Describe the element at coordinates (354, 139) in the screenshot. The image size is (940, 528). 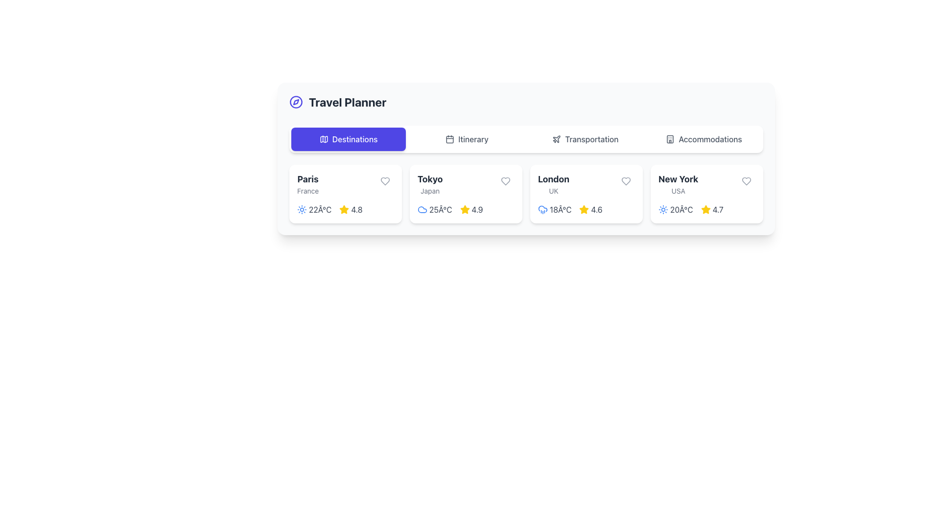
I see `the text label 'Destinations' which is centrally located within the navigation button in the top navigation bar` at that location.